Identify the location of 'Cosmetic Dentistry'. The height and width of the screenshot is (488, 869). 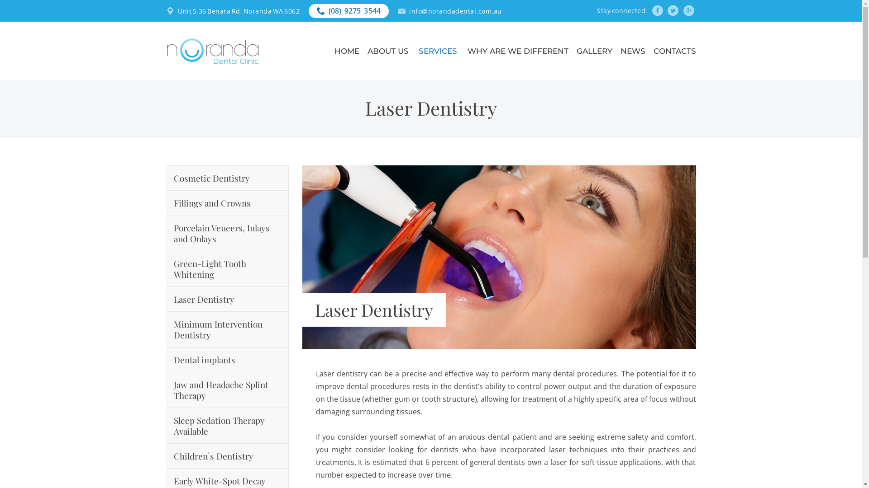
(227, 178).